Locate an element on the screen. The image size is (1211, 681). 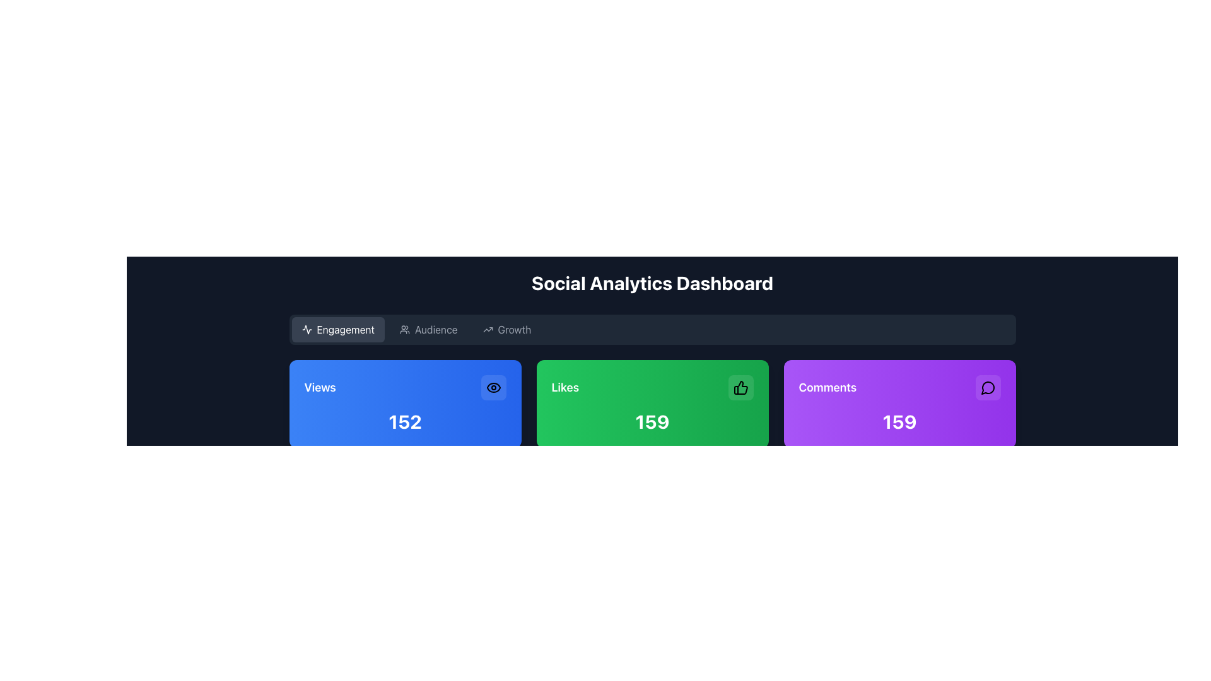
the 'Audience' button, which is a rectangular button with two user profile icons on the left, located between the 'Engagement' and 'Growth' buttons is located at coordinates (428, 329).